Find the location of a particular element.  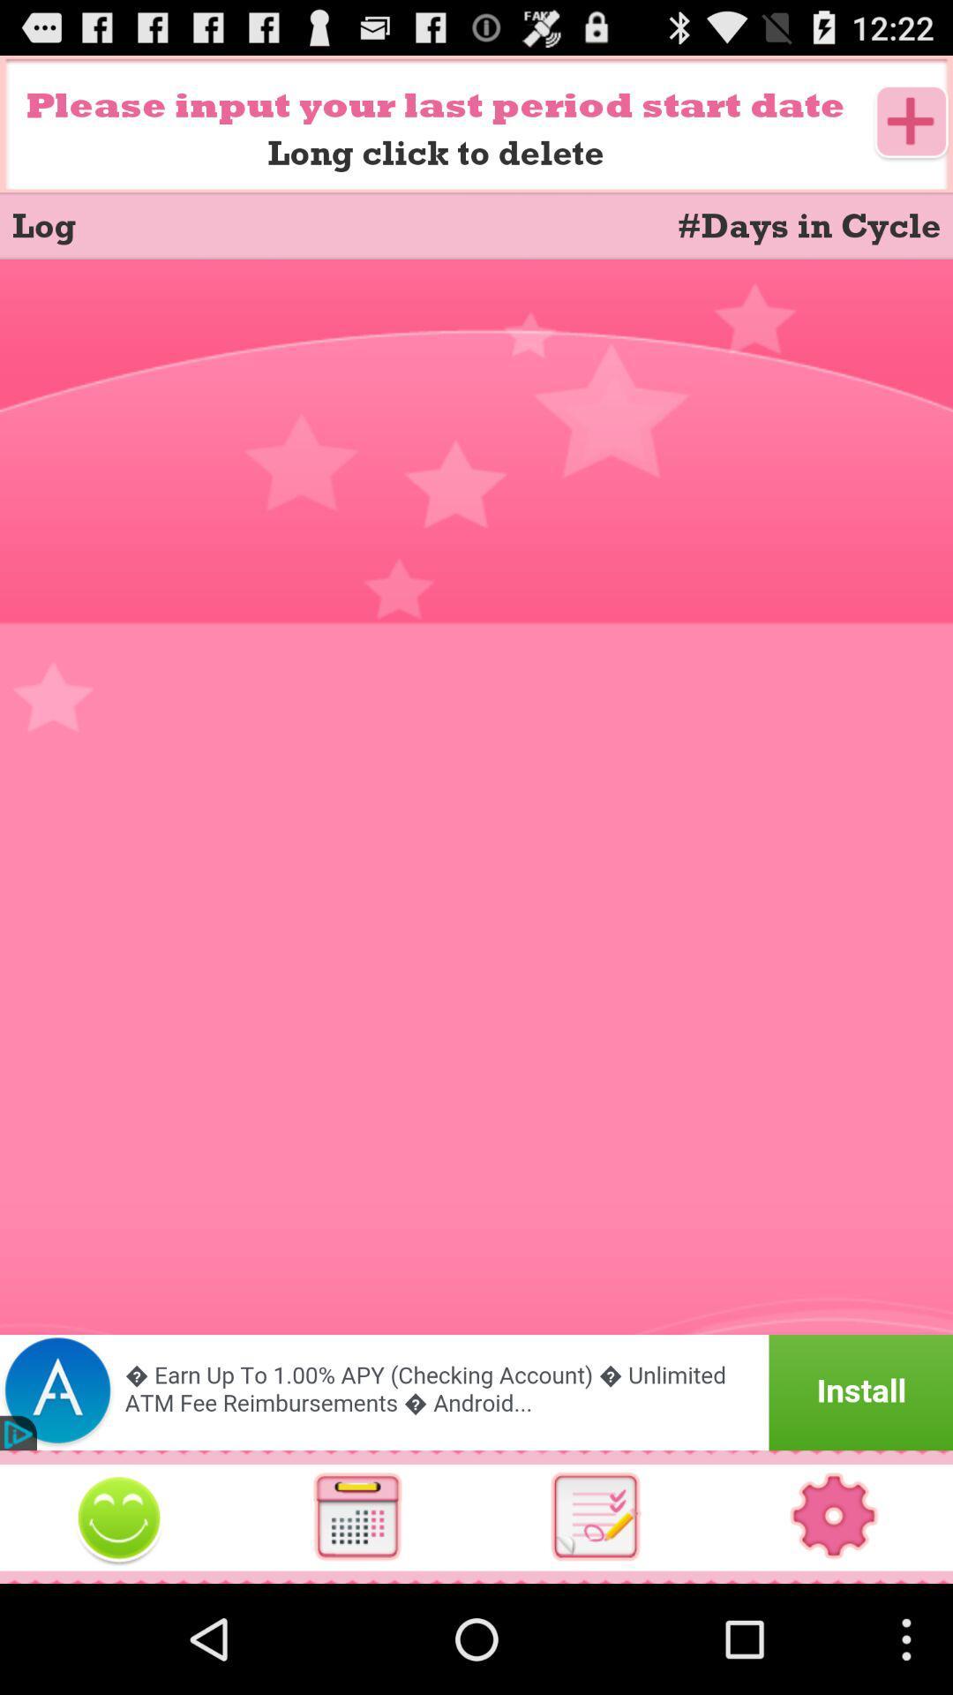

home is located at coordinates (119, 1516).